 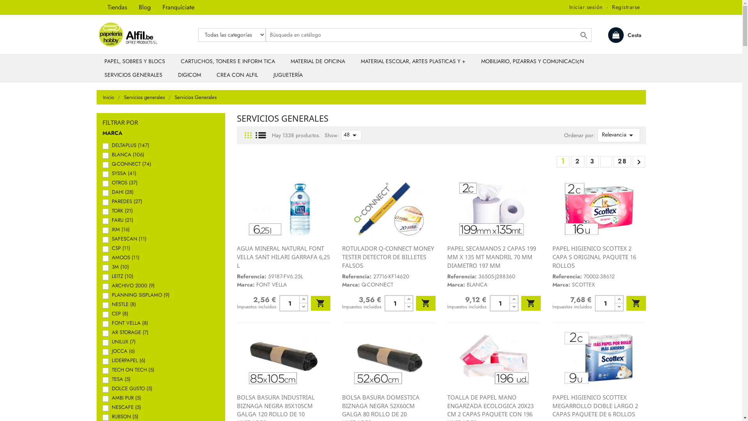 I want to click on '28', so click(x=613, y=161).